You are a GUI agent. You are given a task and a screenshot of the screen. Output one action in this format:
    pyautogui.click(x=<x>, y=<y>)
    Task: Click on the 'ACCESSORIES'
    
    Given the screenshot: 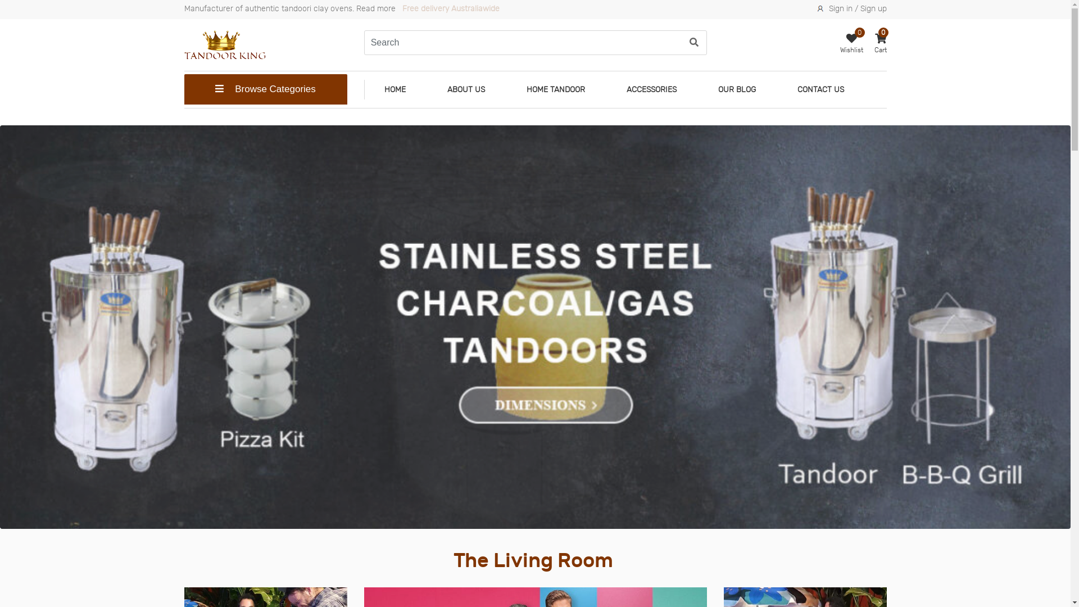 What is the action you would take?
    pyautogui.click(x=651, y=89)
    